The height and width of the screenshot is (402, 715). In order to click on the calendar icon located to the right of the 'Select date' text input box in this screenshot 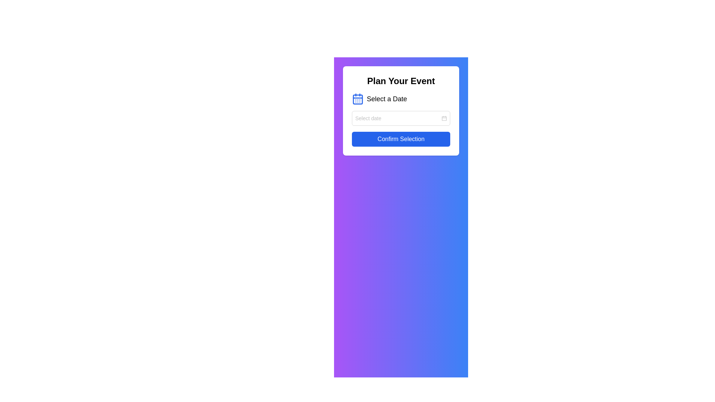, I will do `click(444, 118)`.